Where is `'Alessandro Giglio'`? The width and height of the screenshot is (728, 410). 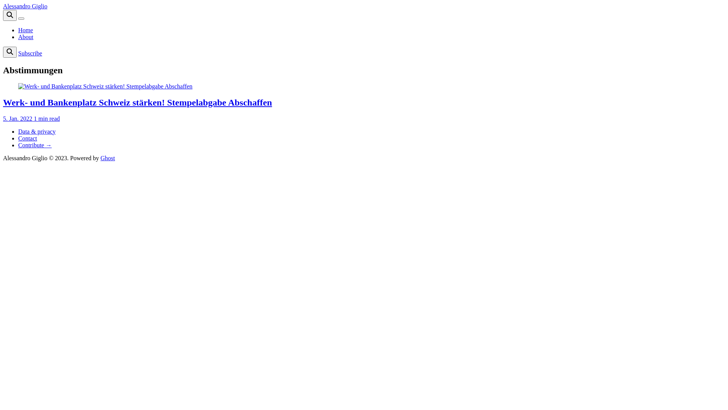 'Alessandro Giglio' is located at coordinates (25, 6).